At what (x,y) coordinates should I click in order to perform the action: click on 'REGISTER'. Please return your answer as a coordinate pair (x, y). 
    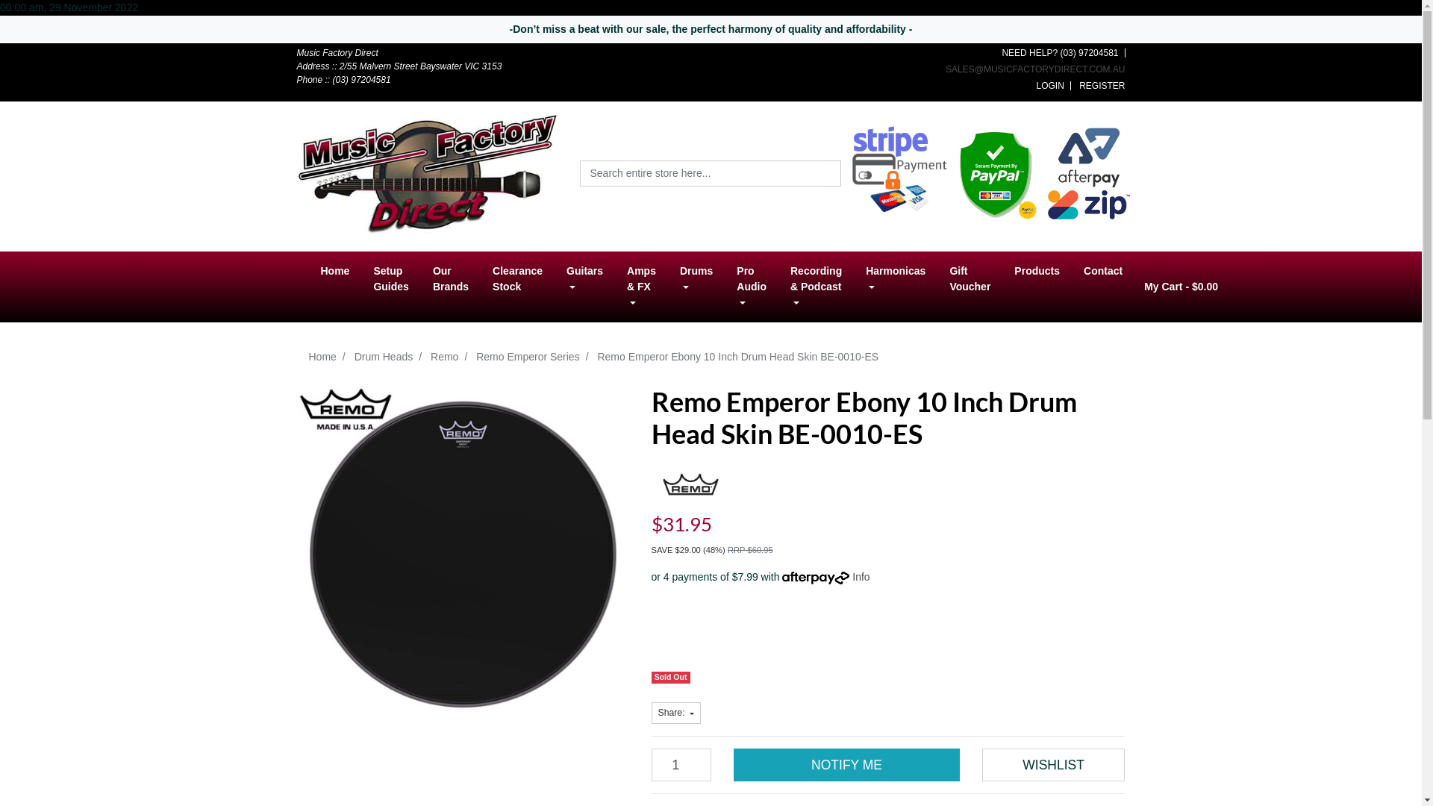
    Looking at the image, I should click on (1102, 86).